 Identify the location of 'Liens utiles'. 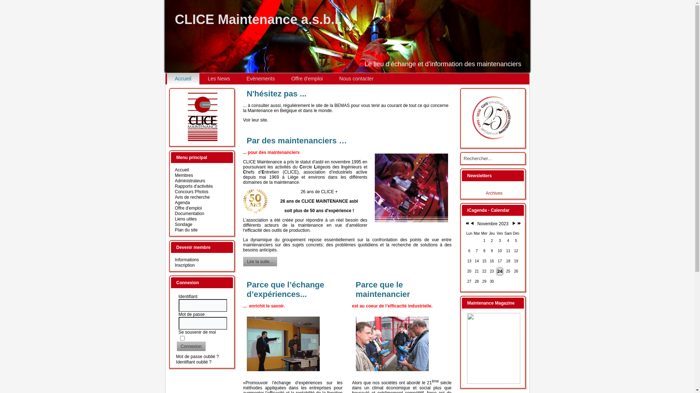
(186, 218).